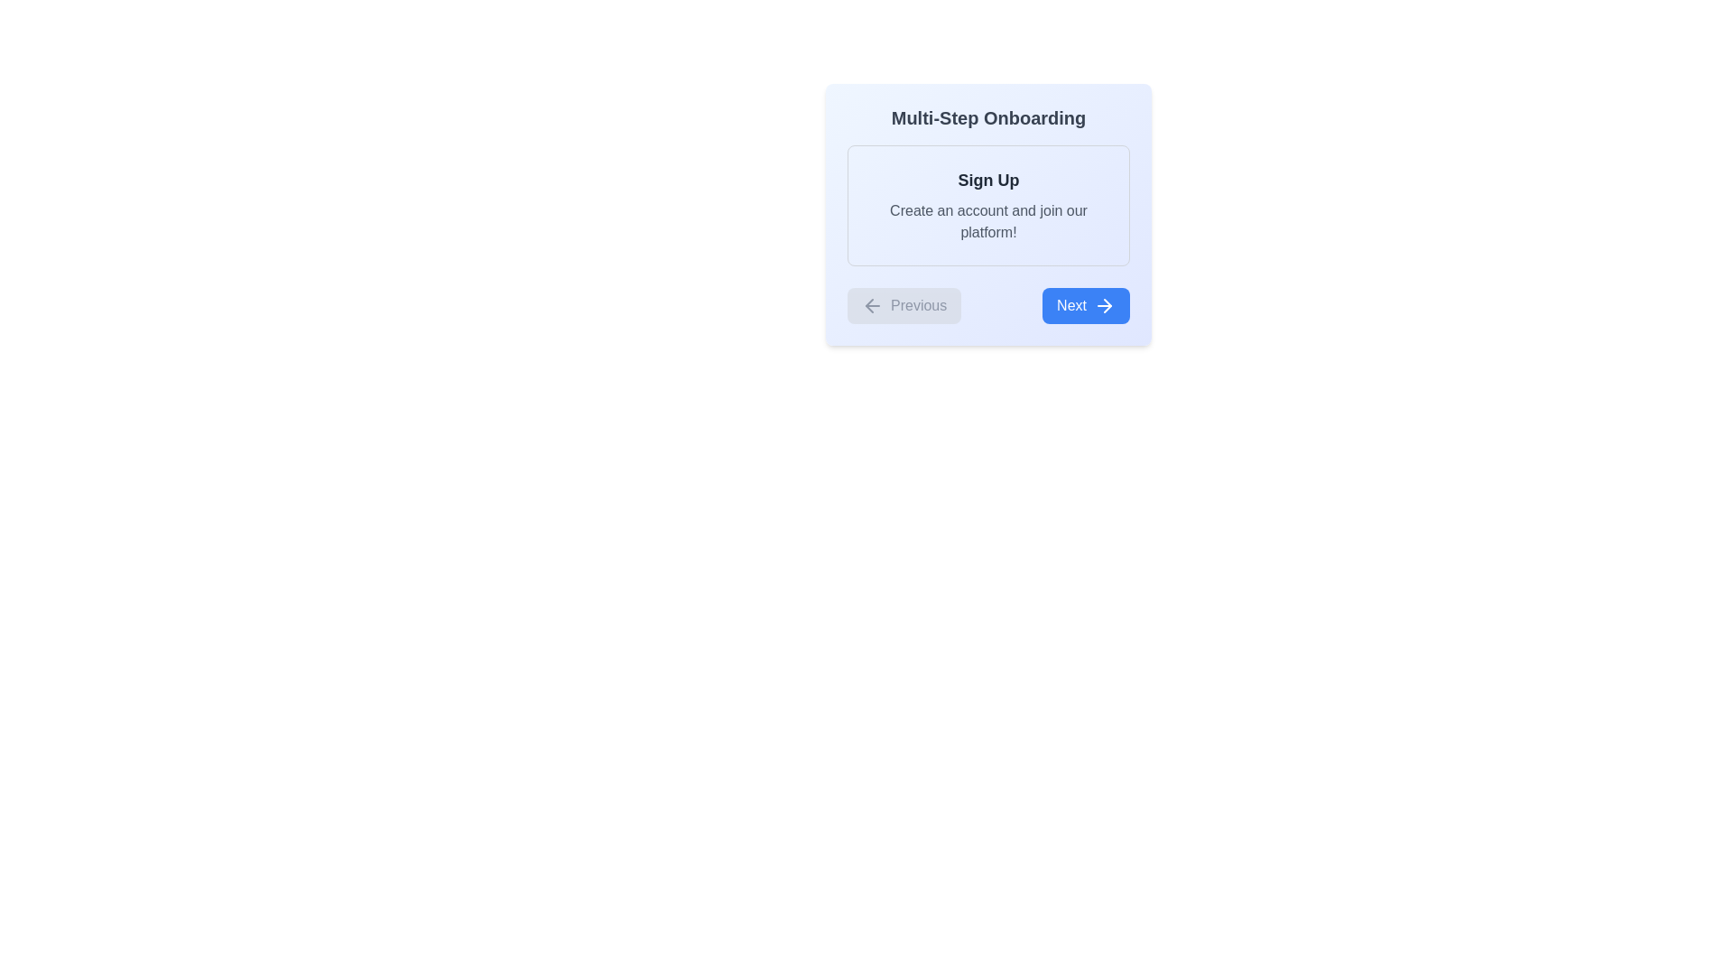 Image resolution: width=1733 pixels, height=975 pixels. What do you see at coordinates (872, 305) in the screenshot?
I see `the arrow icon located to the left of the 'Previous' text label in the multi-step onboarding interface to observe any visual effects` at bounding box center [872, 305].